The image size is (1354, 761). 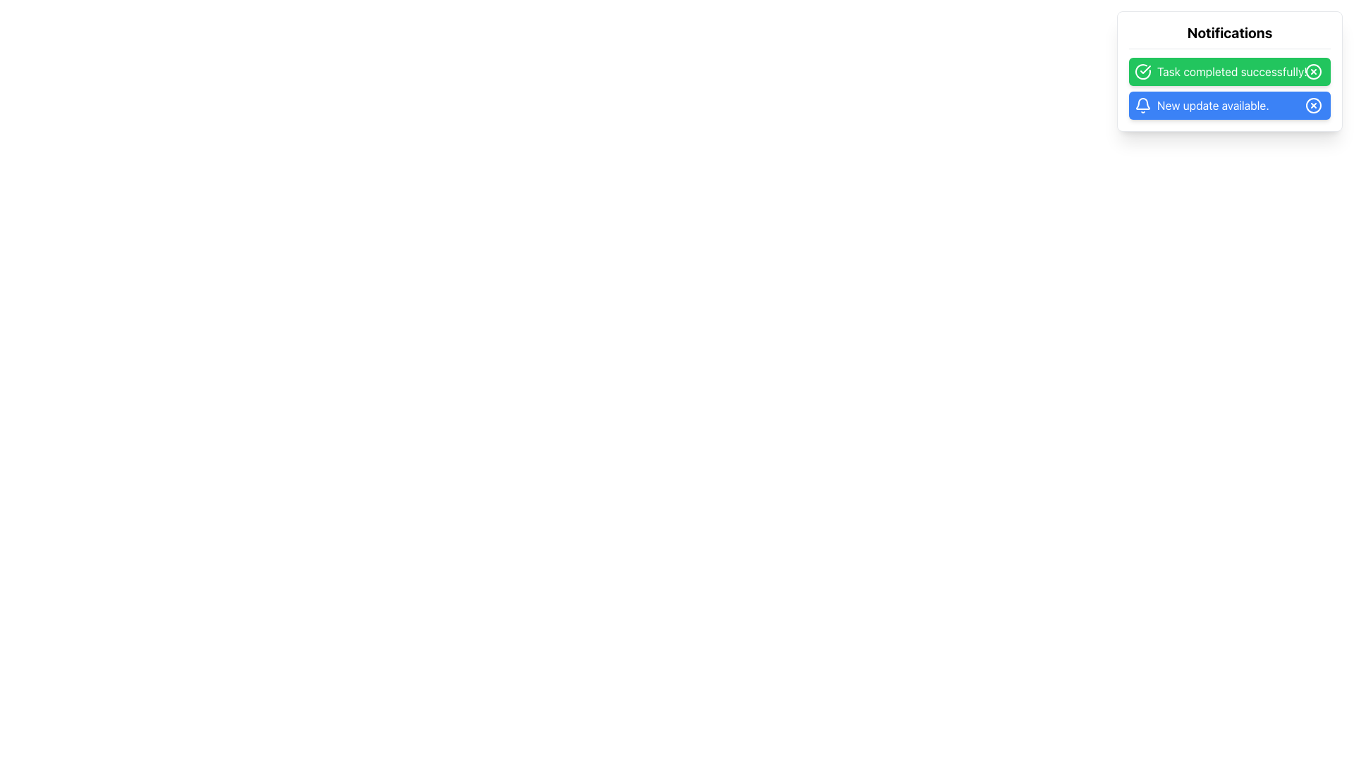 I want to click on the circular green icon with a check mark inside, indicating successful completion, located at the left edge of the 'Task completed successfully!' notification panel, so click(x=1143, y=71).